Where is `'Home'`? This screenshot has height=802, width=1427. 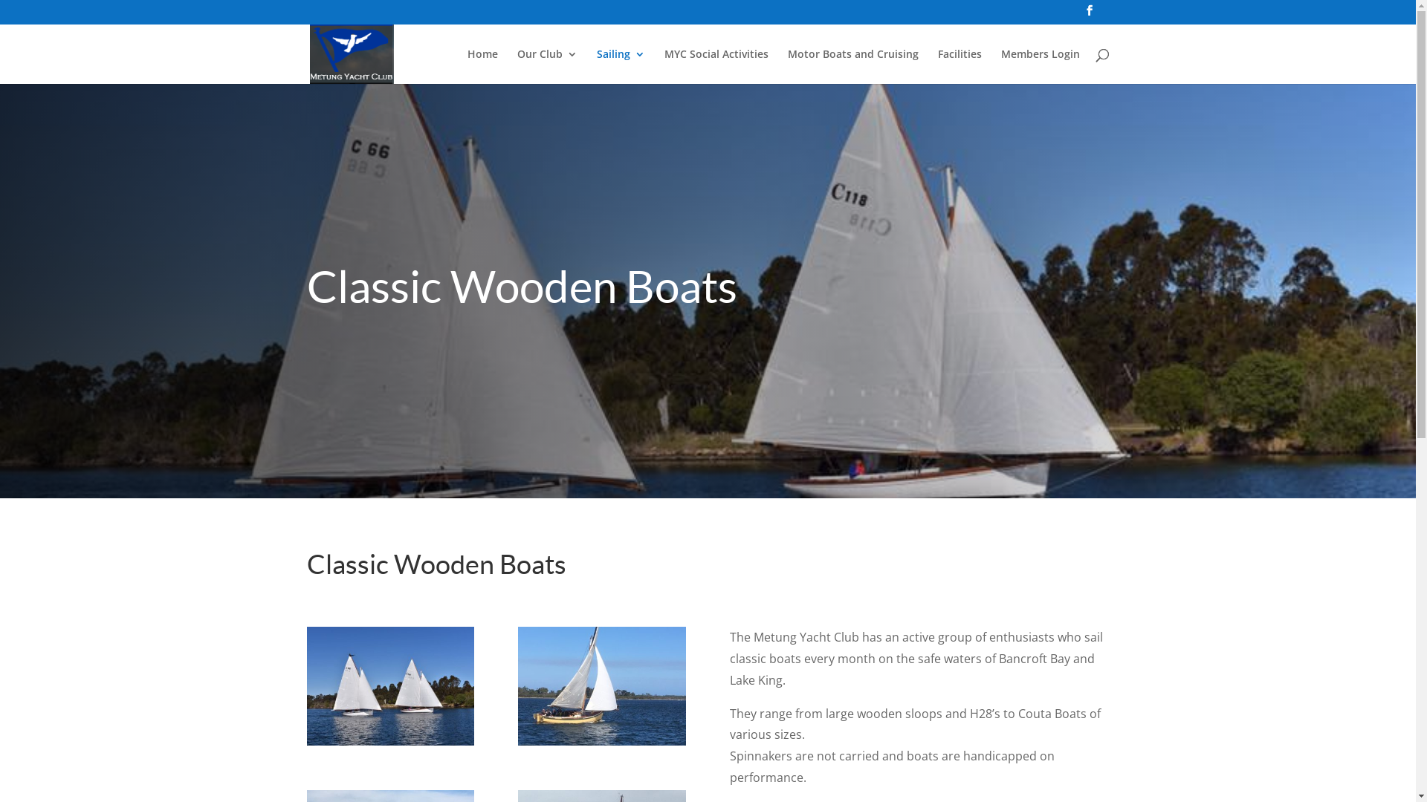 'Home' is located at coordinates (482, 65).